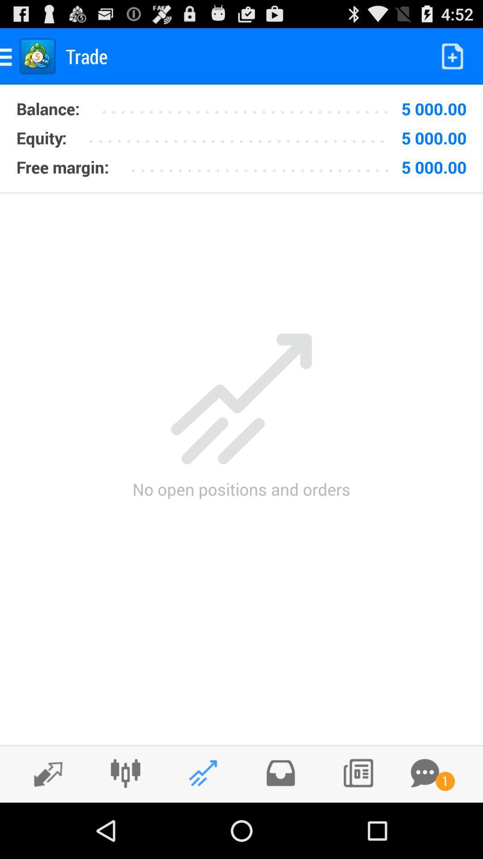 The height and width of the screenshot is (859, 483). I want to click on the item above no open positions icon, so click(241, 192).